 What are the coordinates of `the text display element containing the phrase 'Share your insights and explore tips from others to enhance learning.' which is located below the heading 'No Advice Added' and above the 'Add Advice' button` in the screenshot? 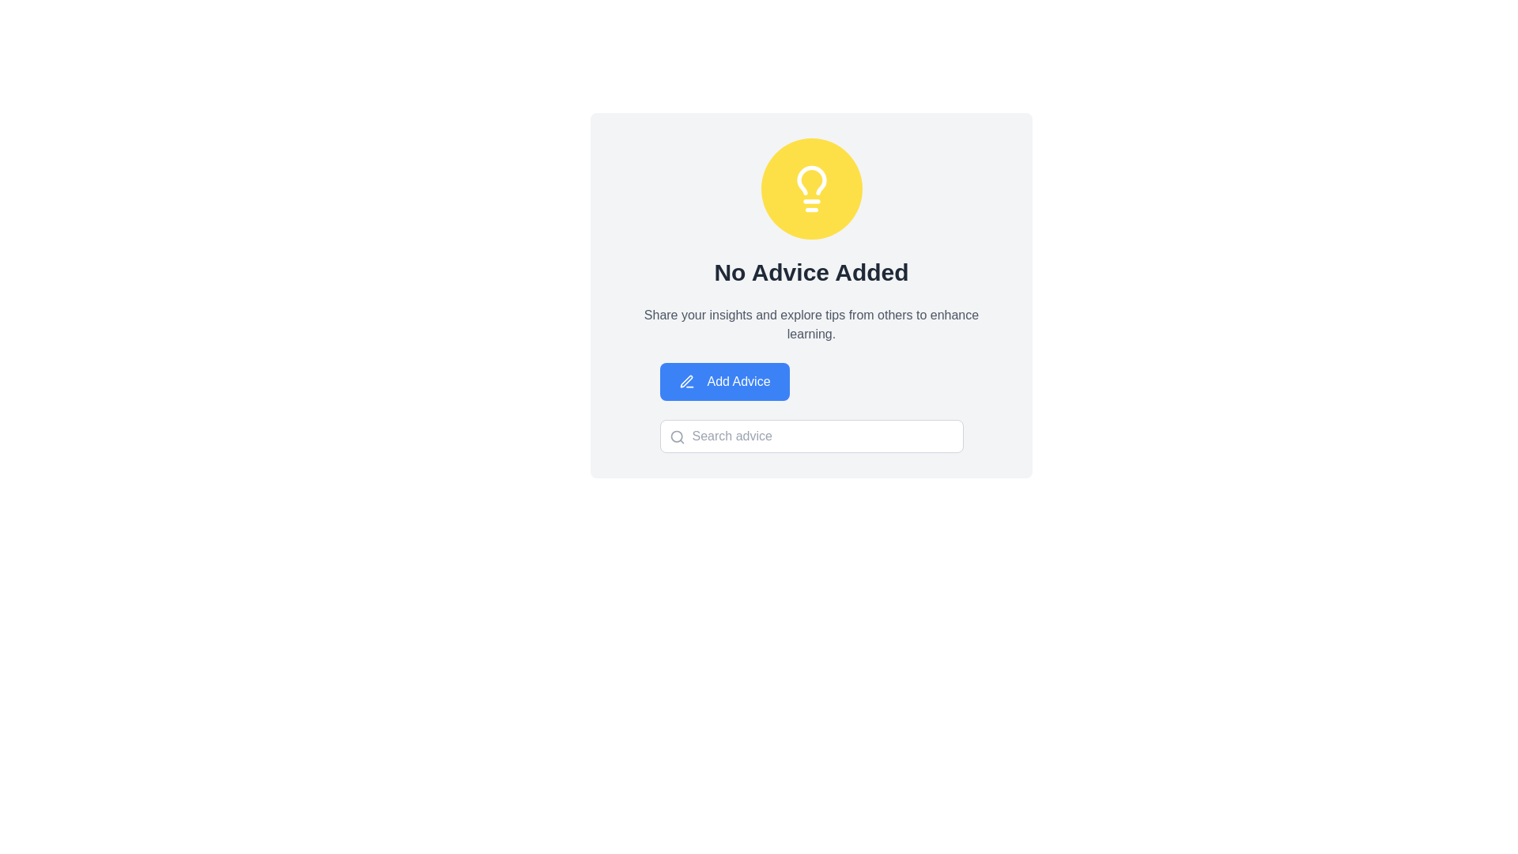 It's located at (811, 324).